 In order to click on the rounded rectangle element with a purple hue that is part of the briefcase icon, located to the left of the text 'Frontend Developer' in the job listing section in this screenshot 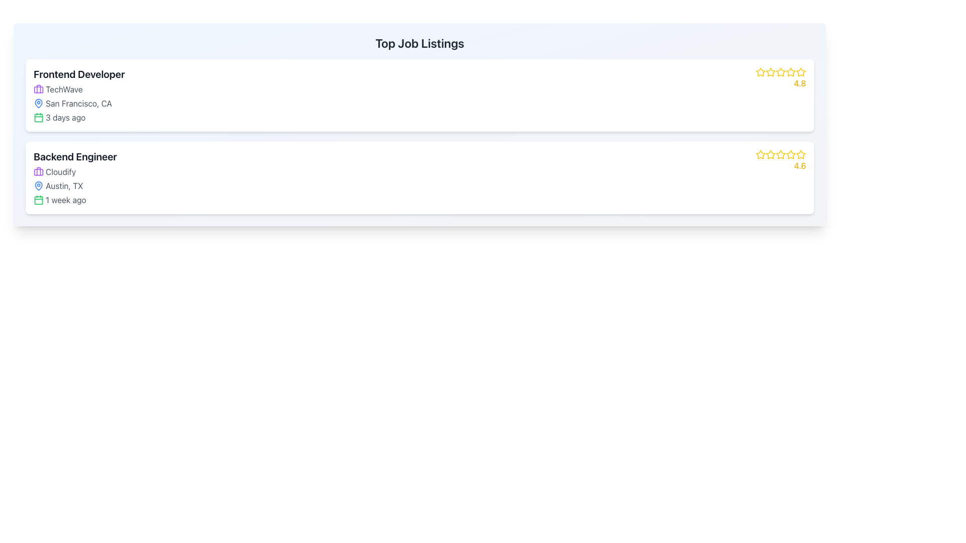, I will do `click(38, 88)`.